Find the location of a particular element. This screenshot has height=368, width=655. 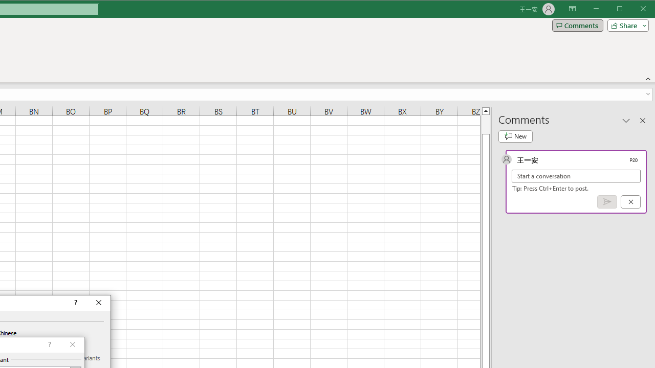

'Context help' is located at coordinates (74, 302).